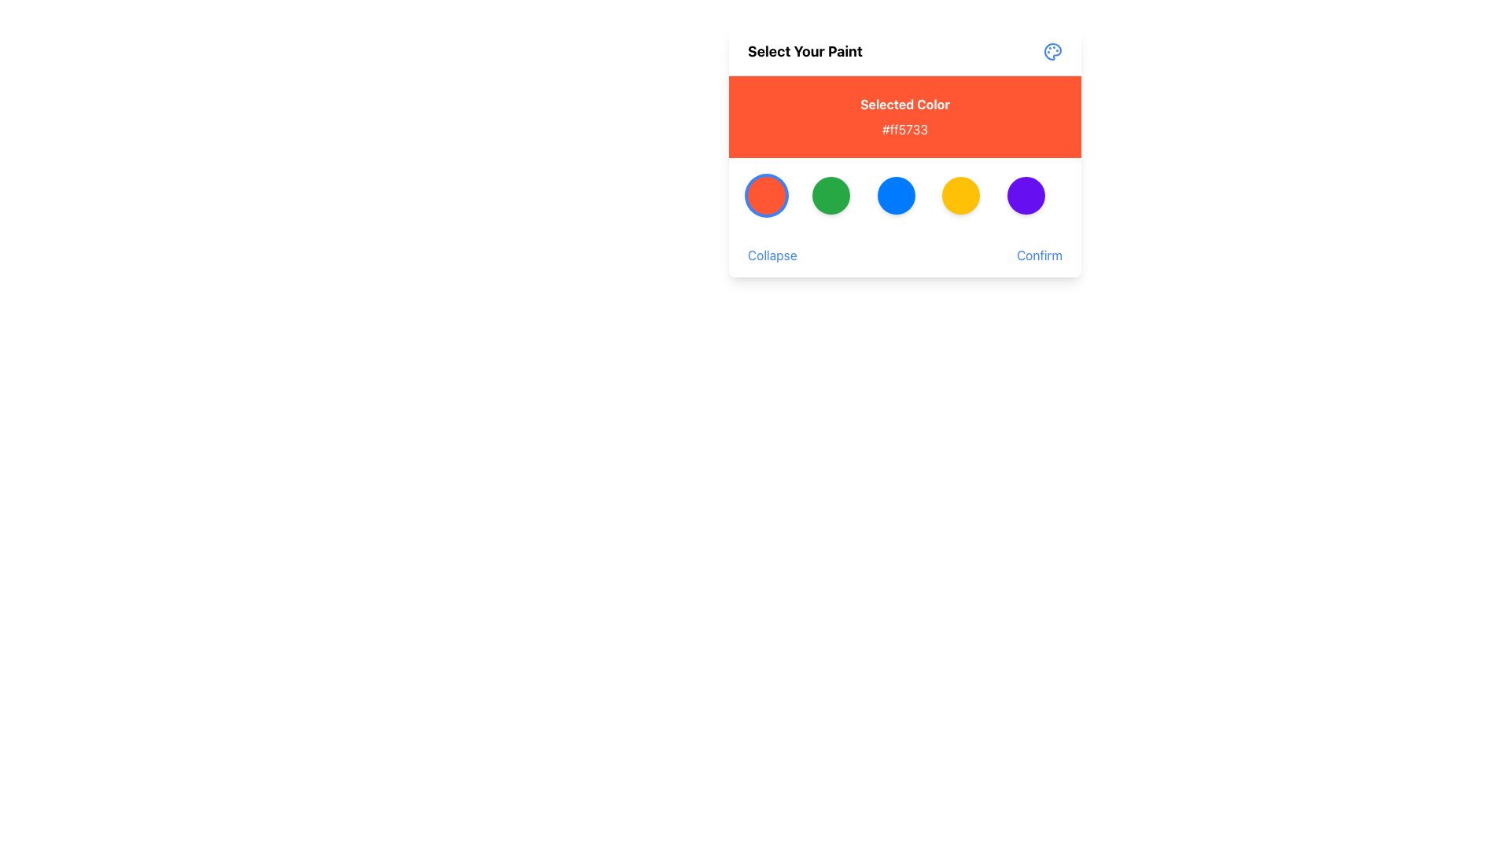 The width and height of the screenshot is (1510, 849). I want to click on the circle in the 'Select Your Paint' section, so click(905, 195).